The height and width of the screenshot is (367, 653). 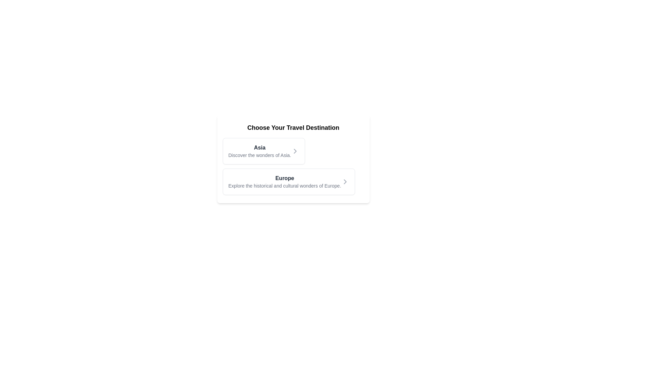 What do you see at coordinates (285, 178) in the screenshot?
I see `the Text label or heading for the 'Europe' section, which identifies the content below it, positioned under the 'Choose Your Travel Destination' heading` at bounding box center [285, 178].